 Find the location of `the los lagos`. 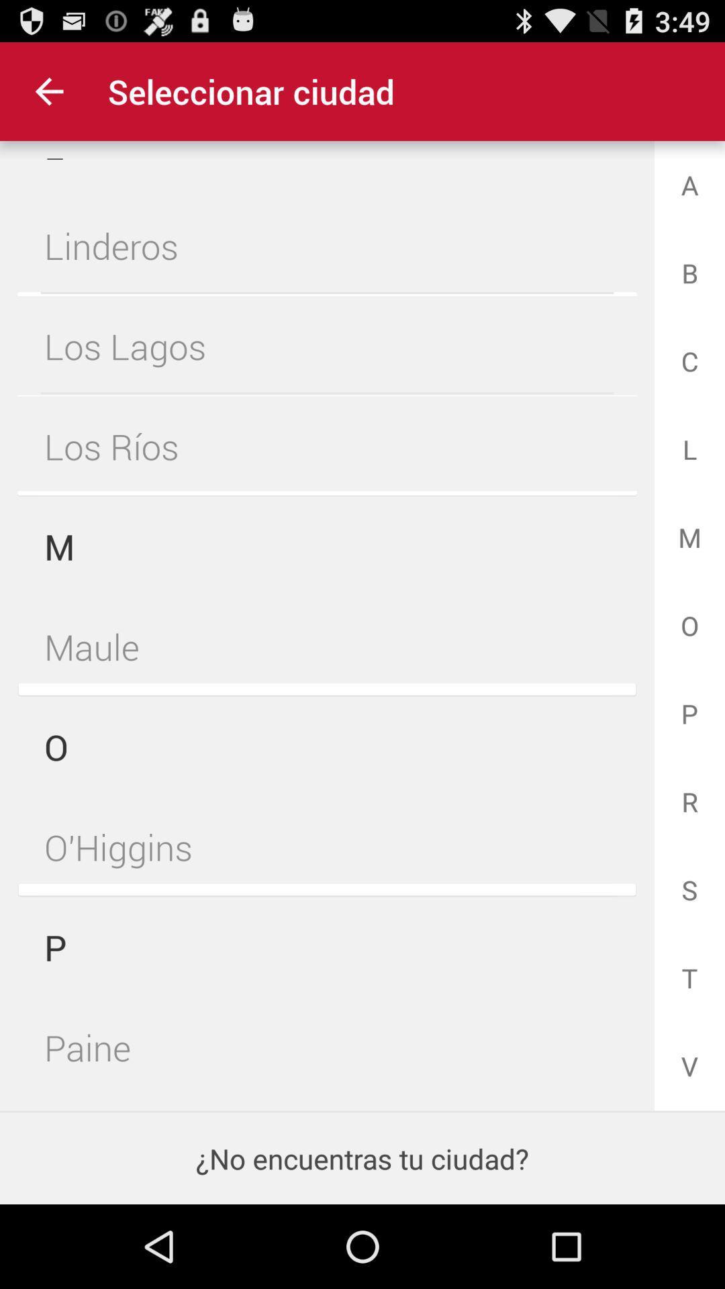

the los lagos is located at coordinates (327, 346).